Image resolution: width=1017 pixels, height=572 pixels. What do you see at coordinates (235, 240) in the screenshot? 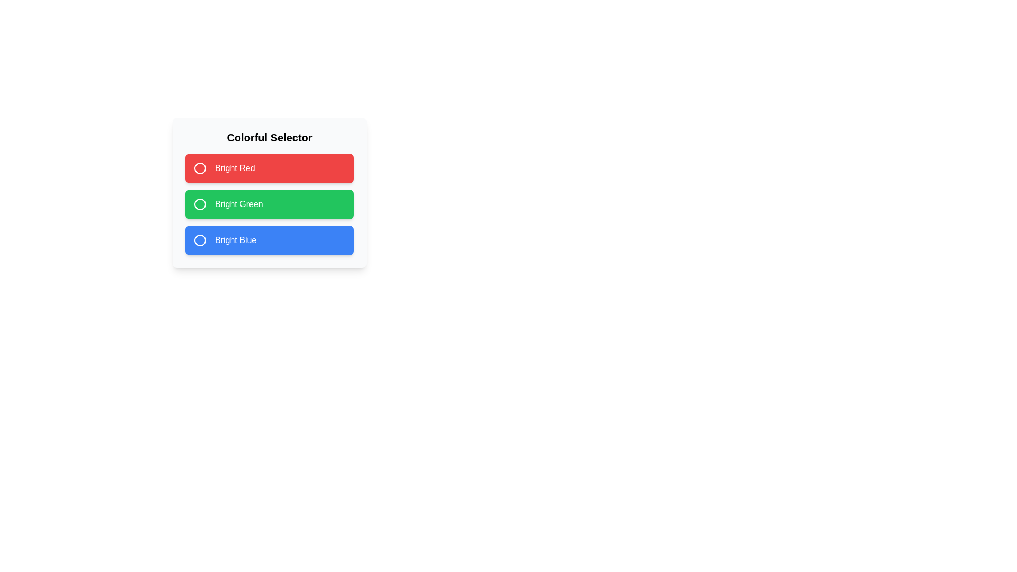
I see `text label 'Bright Blue' which is the third selectable option in a vertical group of colorful selectors, styled with a blue background and a white circular icon` at bounding box center [235, 240].